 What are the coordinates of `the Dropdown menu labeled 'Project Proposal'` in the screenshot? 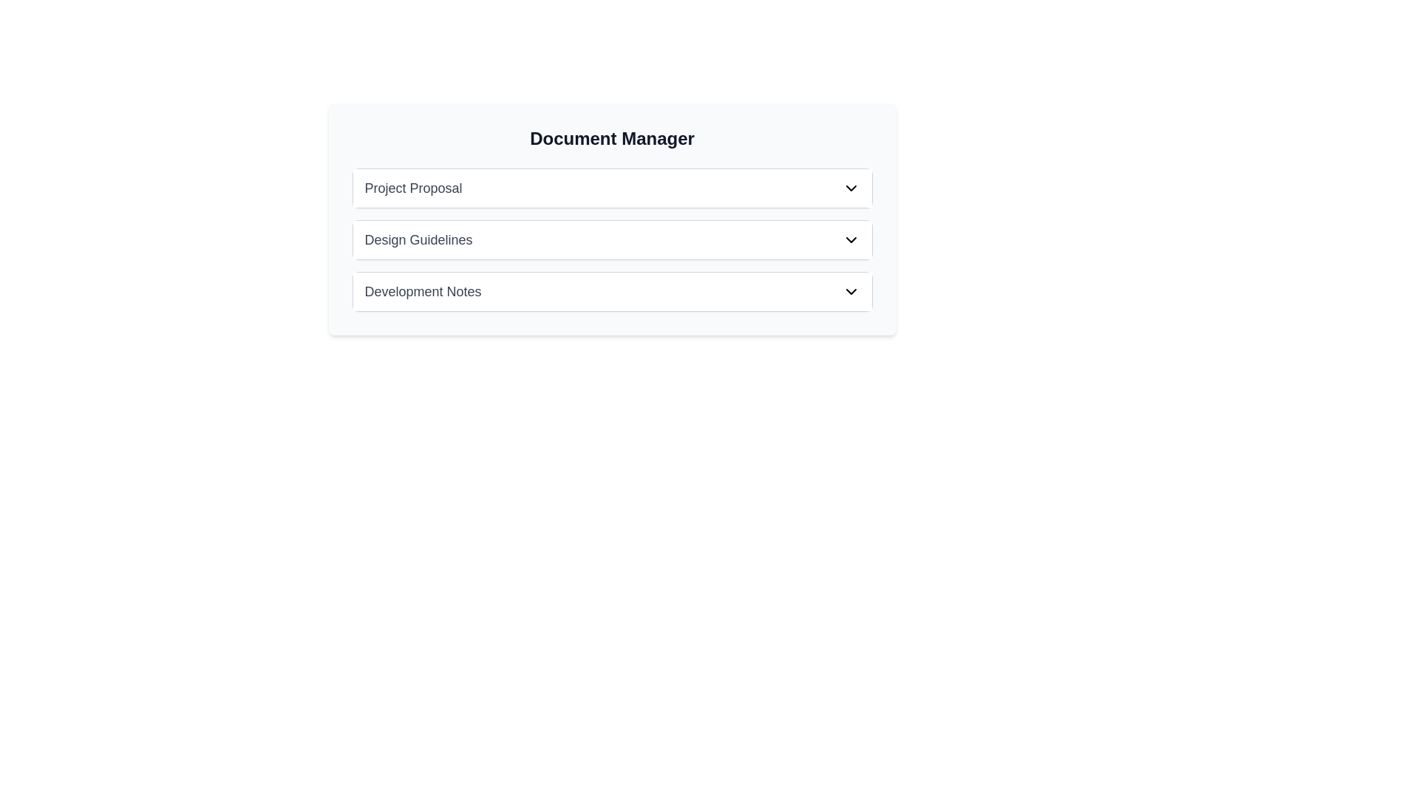 It's located at (612, 187).